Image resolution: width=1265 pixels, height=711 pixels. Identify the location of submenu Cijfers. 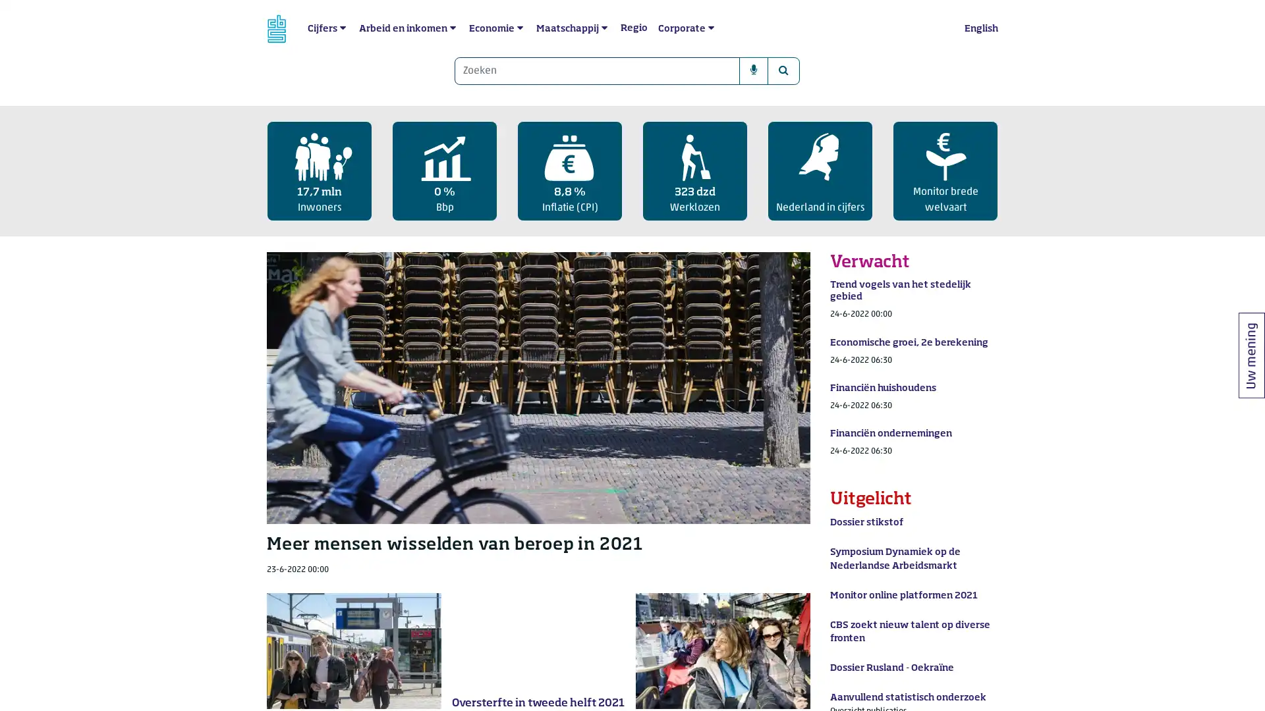
(343, 28).